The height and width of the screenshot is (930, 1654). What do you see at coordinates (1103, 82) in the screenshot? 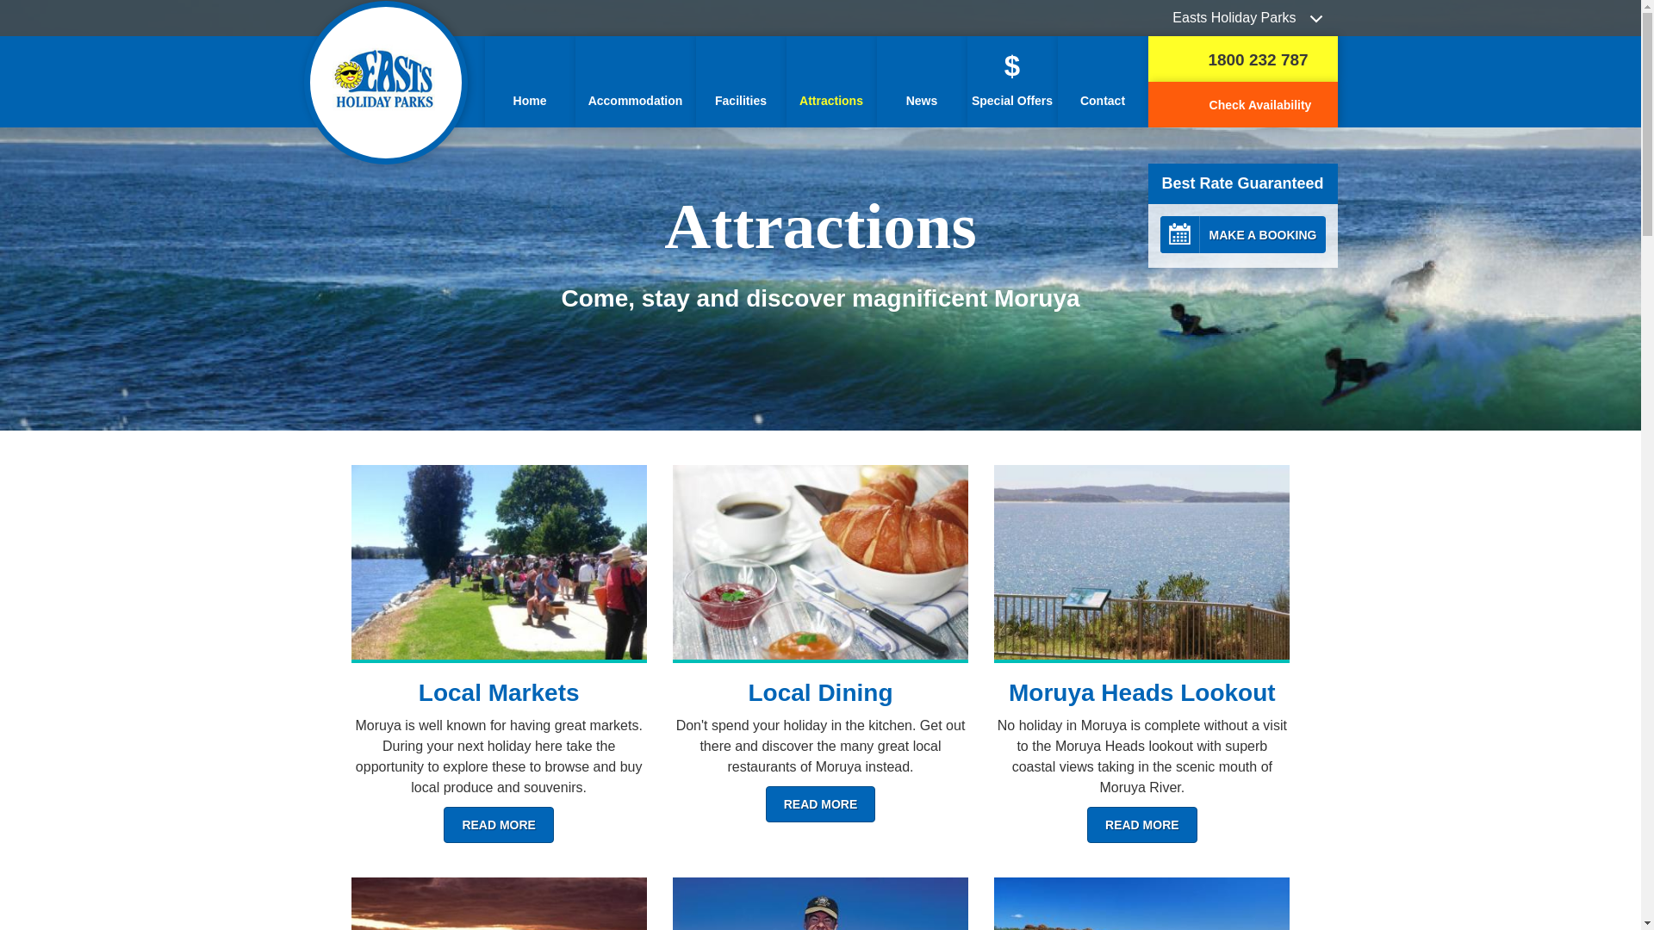
I see `'Contact'` at bounding box center [1103, 82].